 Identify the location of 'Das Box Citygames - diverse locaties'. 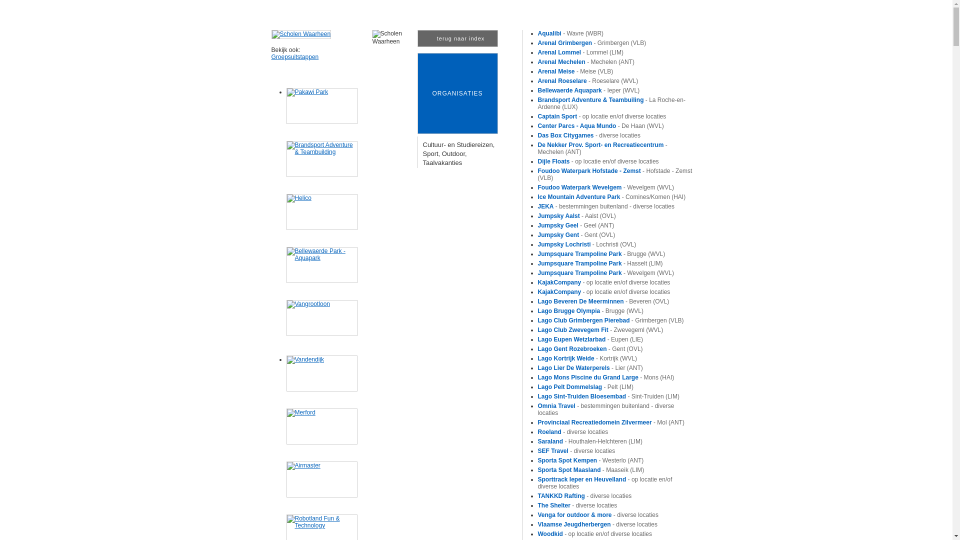
(589, 135).